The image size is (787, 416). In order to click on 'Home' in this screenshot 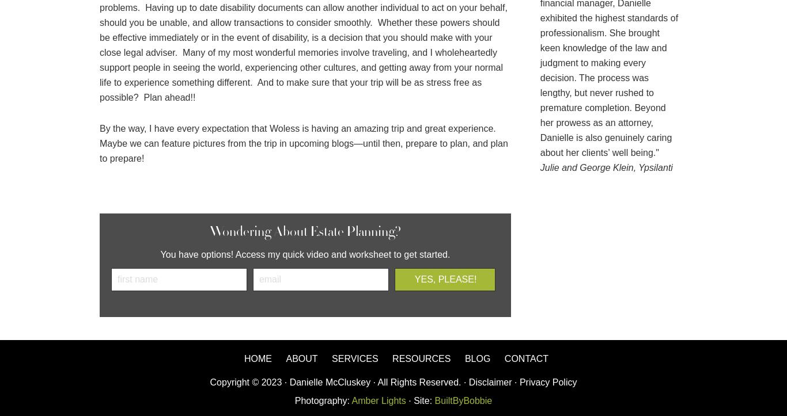, I will do `click(258, 358)`.